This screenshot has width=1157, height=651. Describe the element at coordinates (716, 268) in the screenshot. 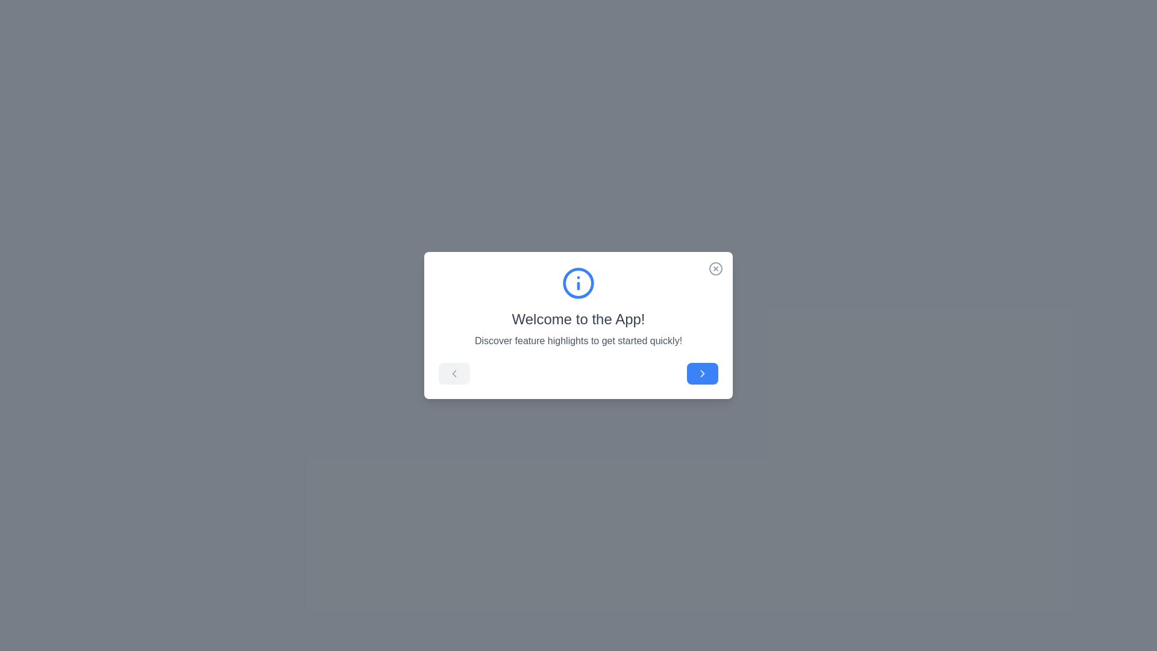

I see `close button at the top-right corner of the onboarding guide` at that location.